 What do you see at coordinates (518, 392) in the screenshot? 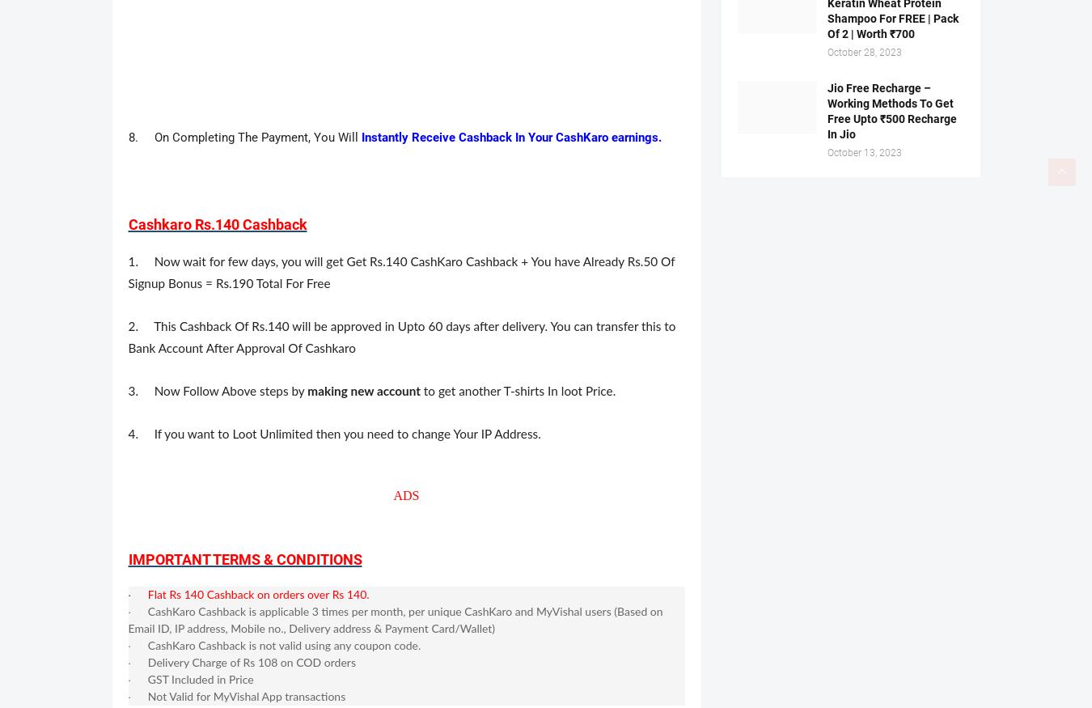
I see `'to get another T-shirts In loot Price.'` at bounding box center [518, 392].